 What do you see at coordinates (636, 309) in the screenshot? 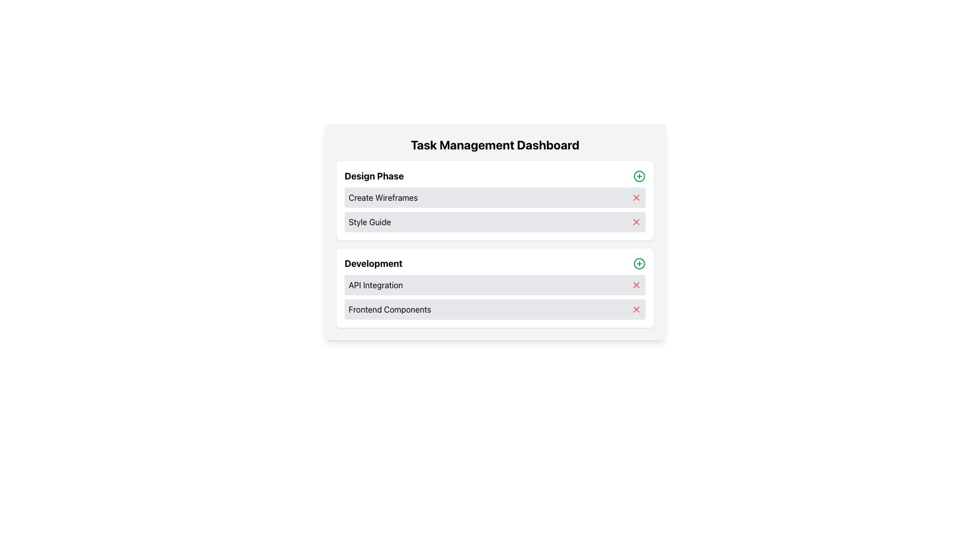
I see `the 'Close' or 'Delete' icon located at the bottom of the 'Development' phase card, specifically at the end of the 'Frontend Components' row` at bounding box center [636, 309].